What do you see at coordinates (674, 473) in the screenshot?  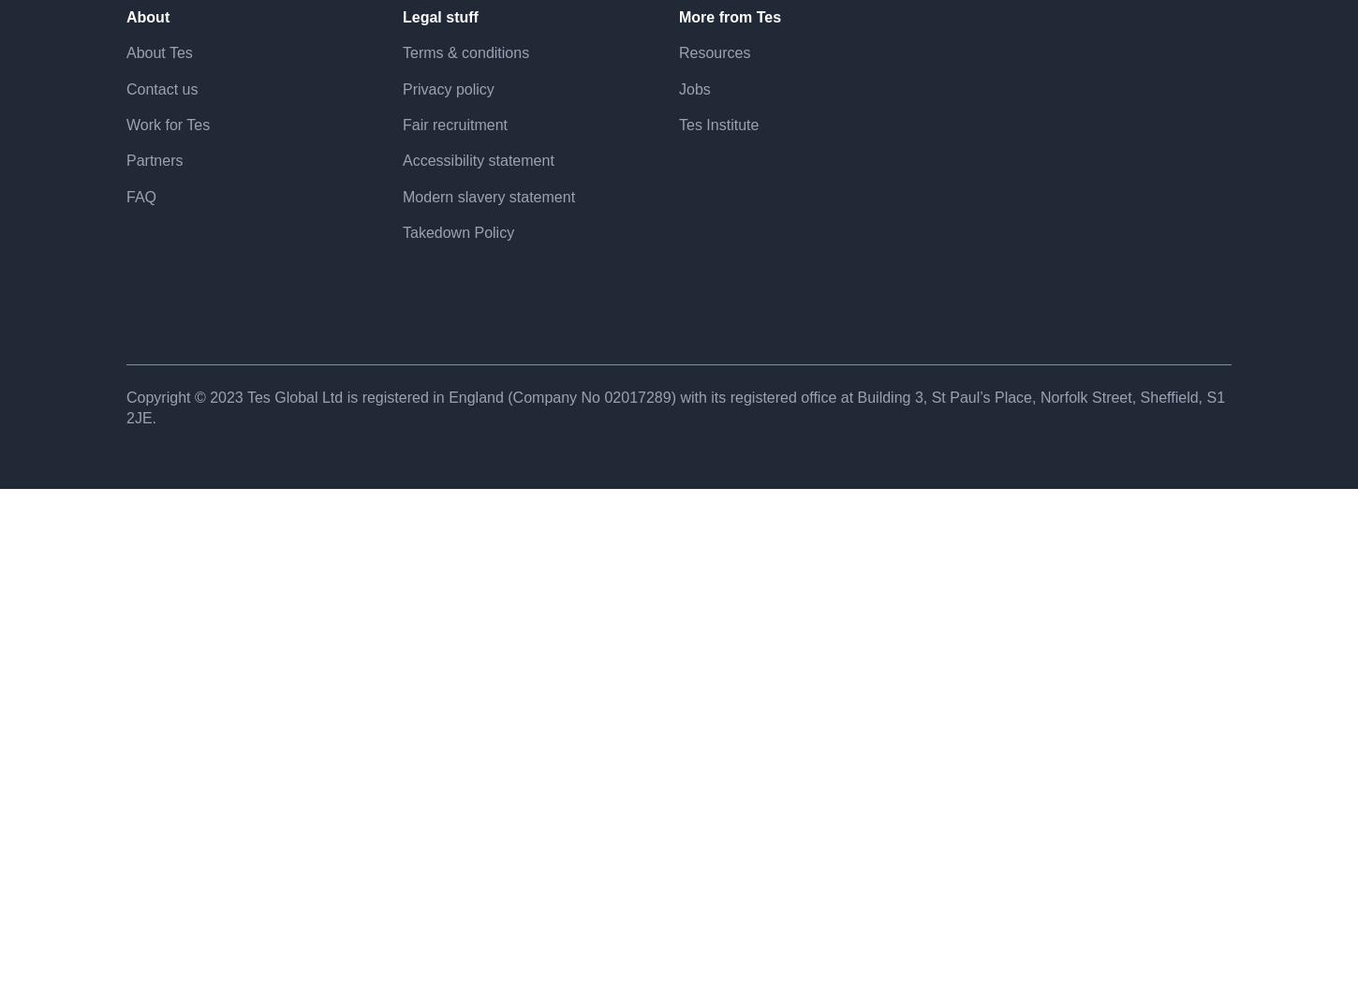 I see `'Copyright © 2023 Tes Global Ltd is registered in England (Company No 02017​289) with its registered office at Building 3, 
      St Paul’s Place, Norfolk Street, Sheffield, S1 2JE.'` at bounding box center [674, 473].